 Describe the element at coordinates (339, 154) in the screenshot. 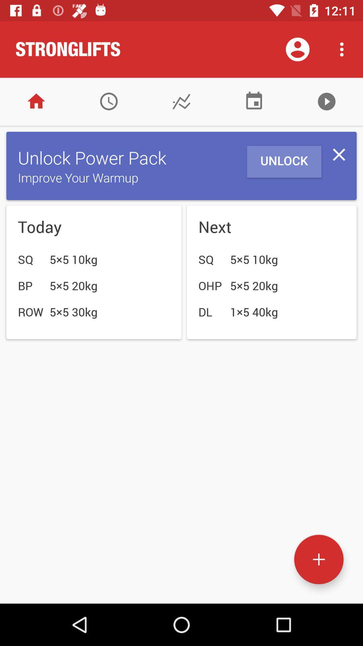

I see `power pack information panel` at that location.